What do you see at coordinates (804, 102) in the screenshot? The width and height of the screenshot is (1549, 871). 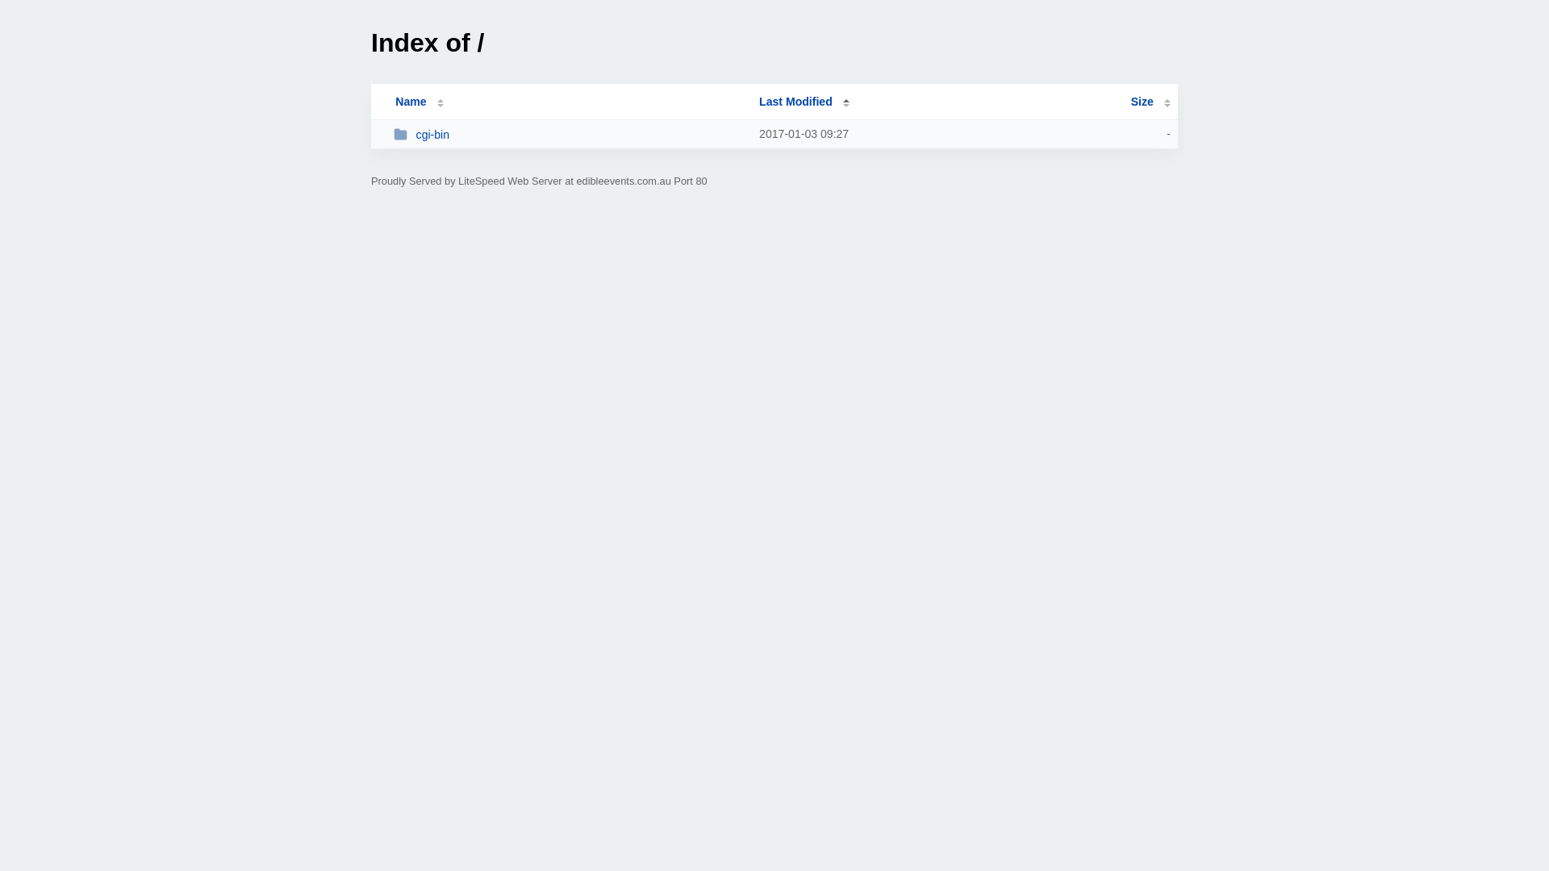 I see `'Last Modified'` at bounding box center [804, 102].